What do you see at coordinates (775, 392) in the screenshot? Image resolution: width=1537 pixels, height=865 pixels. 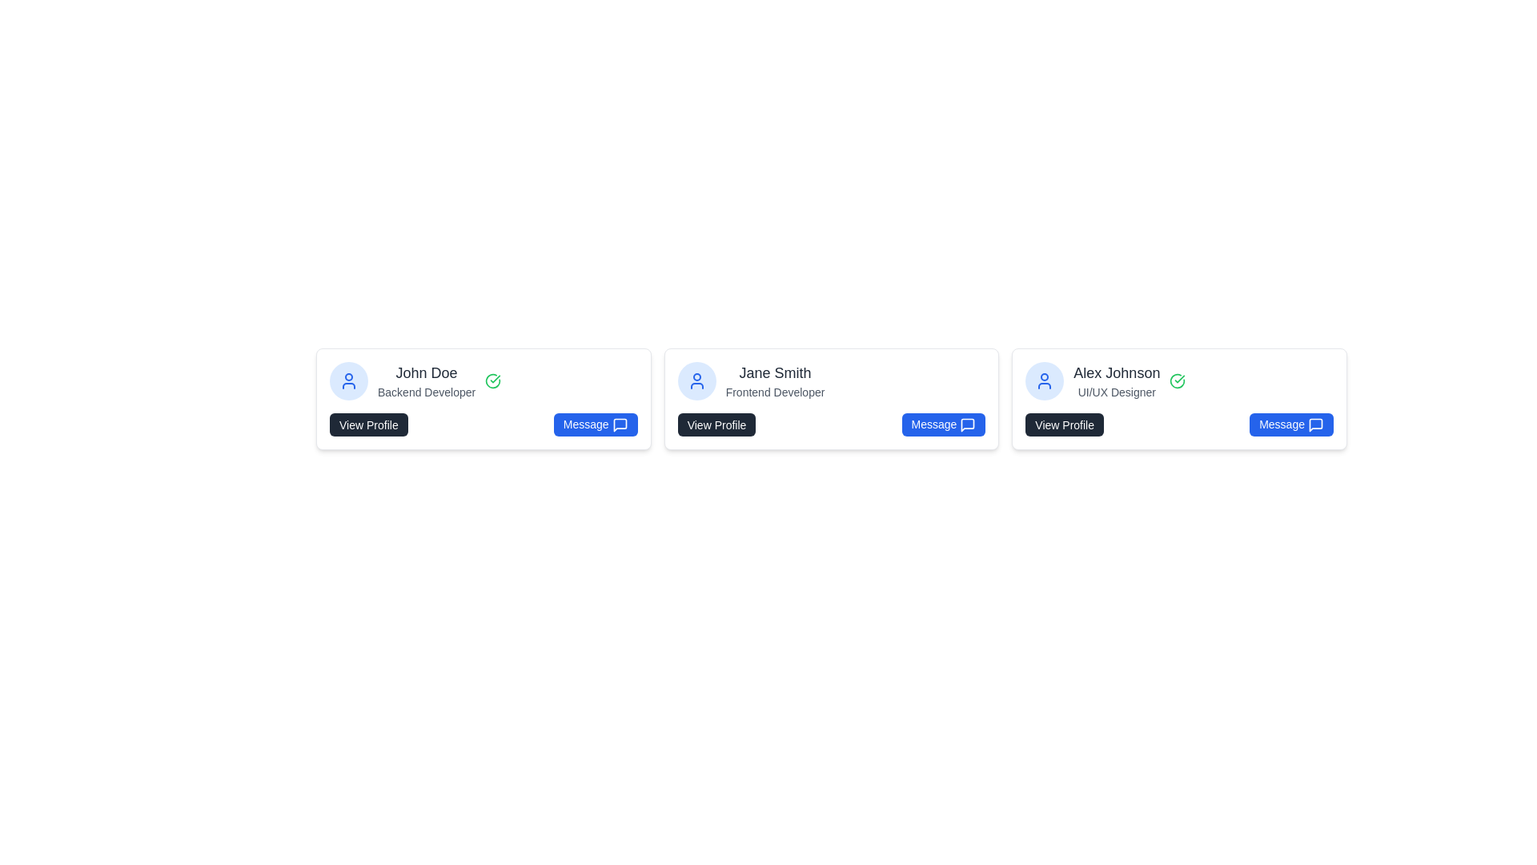 I see `job title information provided by the text label located at the bottom of the central card, directly below 'Jane Smith'` at bounding box center [775, 392].